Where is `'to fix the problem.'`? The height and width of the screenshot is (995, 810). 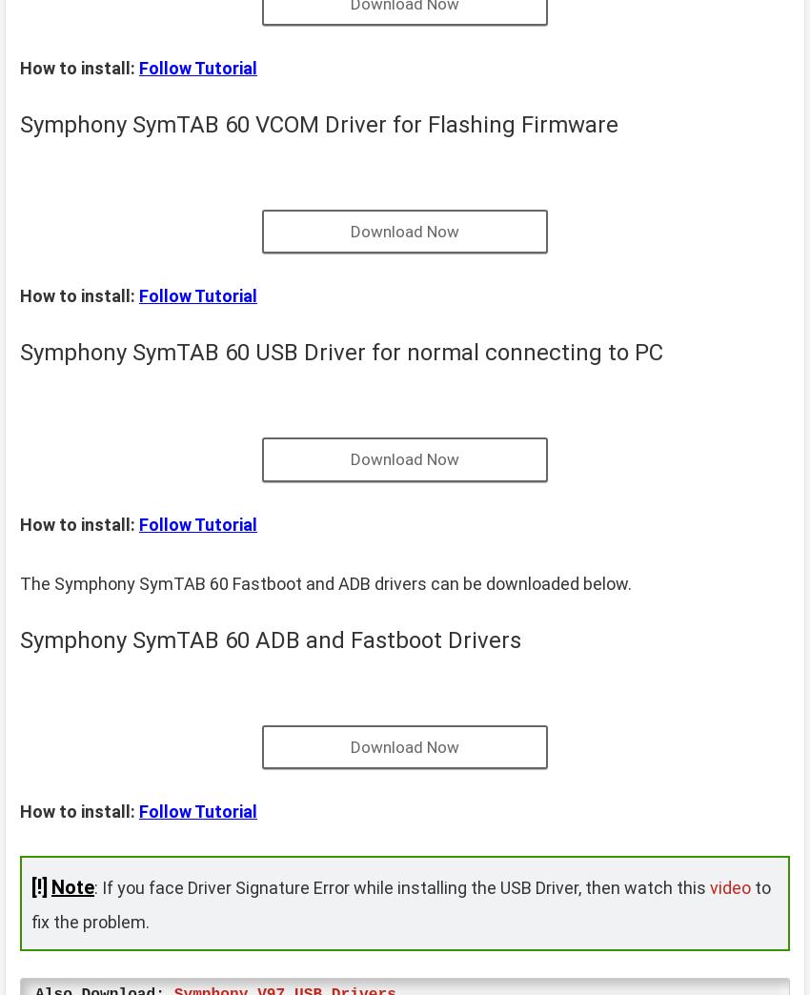
'to fix the problem.' is located at coordinates (401, 903).